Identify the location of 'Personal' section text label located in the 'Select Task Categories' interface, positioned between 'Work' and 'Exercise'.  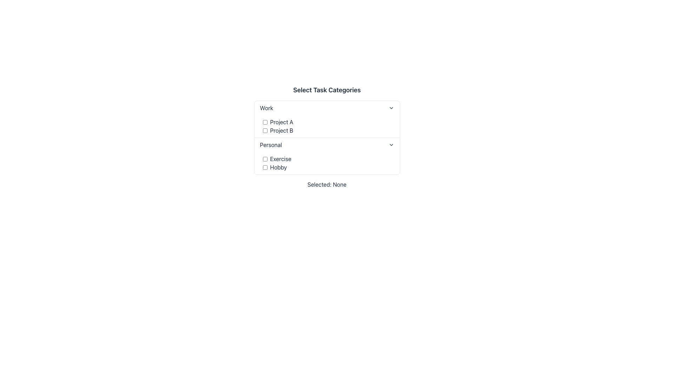
(270, 144).